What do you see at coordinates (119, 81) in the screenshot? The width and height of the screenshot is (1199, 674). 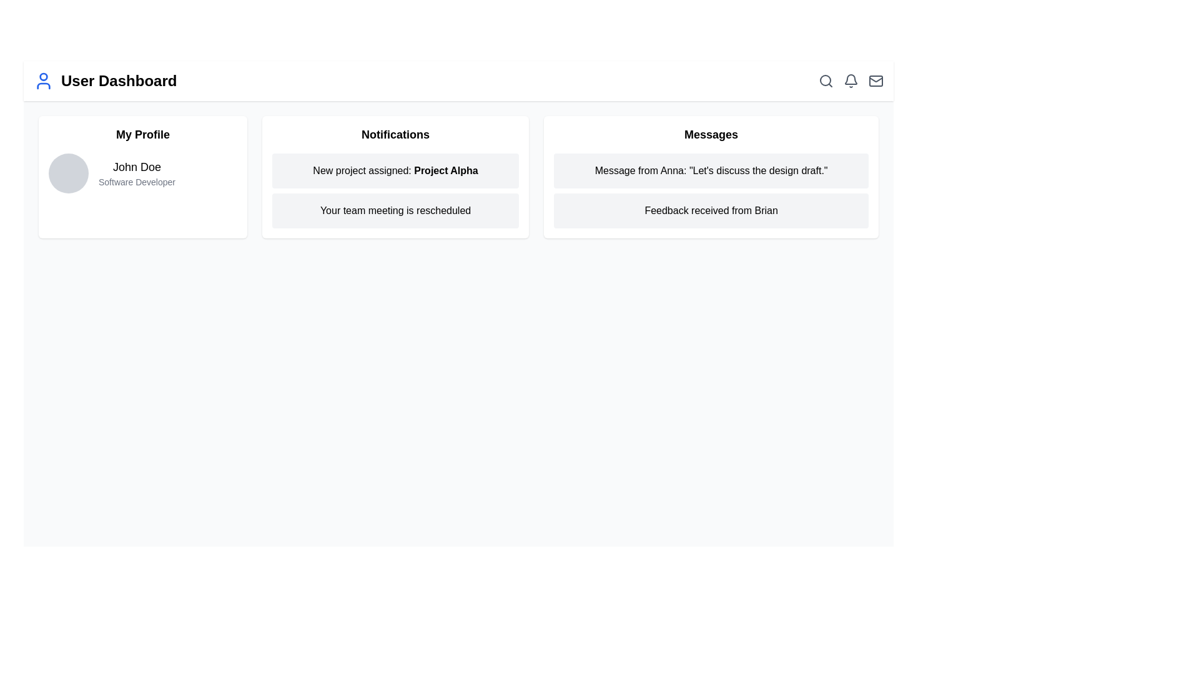 I see `text label indicating the 'User Dashboard' page located at the top left corner of the interface, adjacent to the user icon` at bounding box center [119, 81].